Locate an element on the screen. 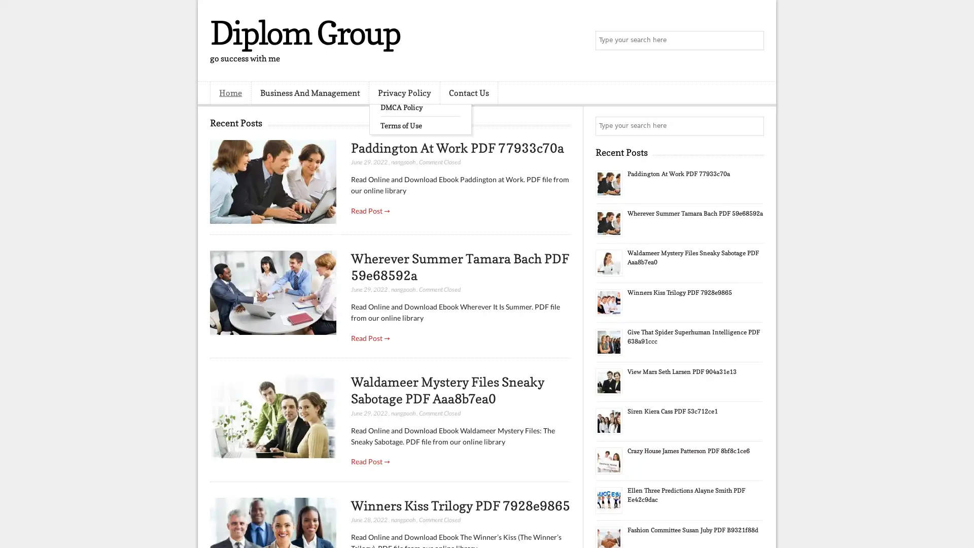  Search is located at coordinates (753, 126).